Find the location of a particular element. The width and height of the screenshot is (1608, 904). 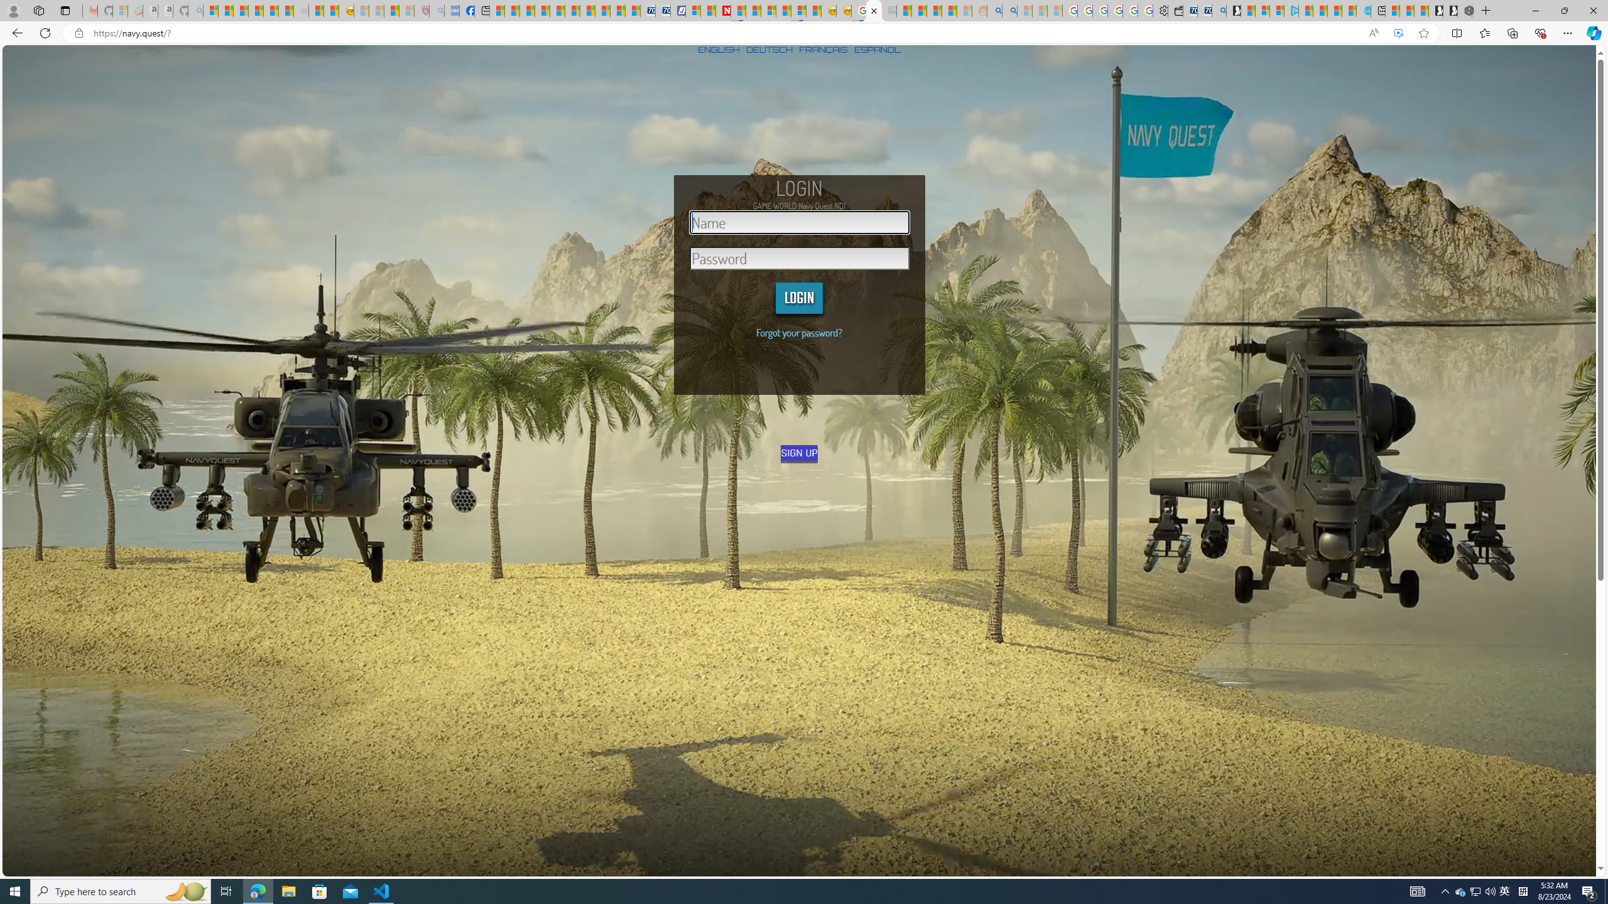

'Student Loan Update: Forgiveness Program Ends This Month' is located at coordinates (948, 10).